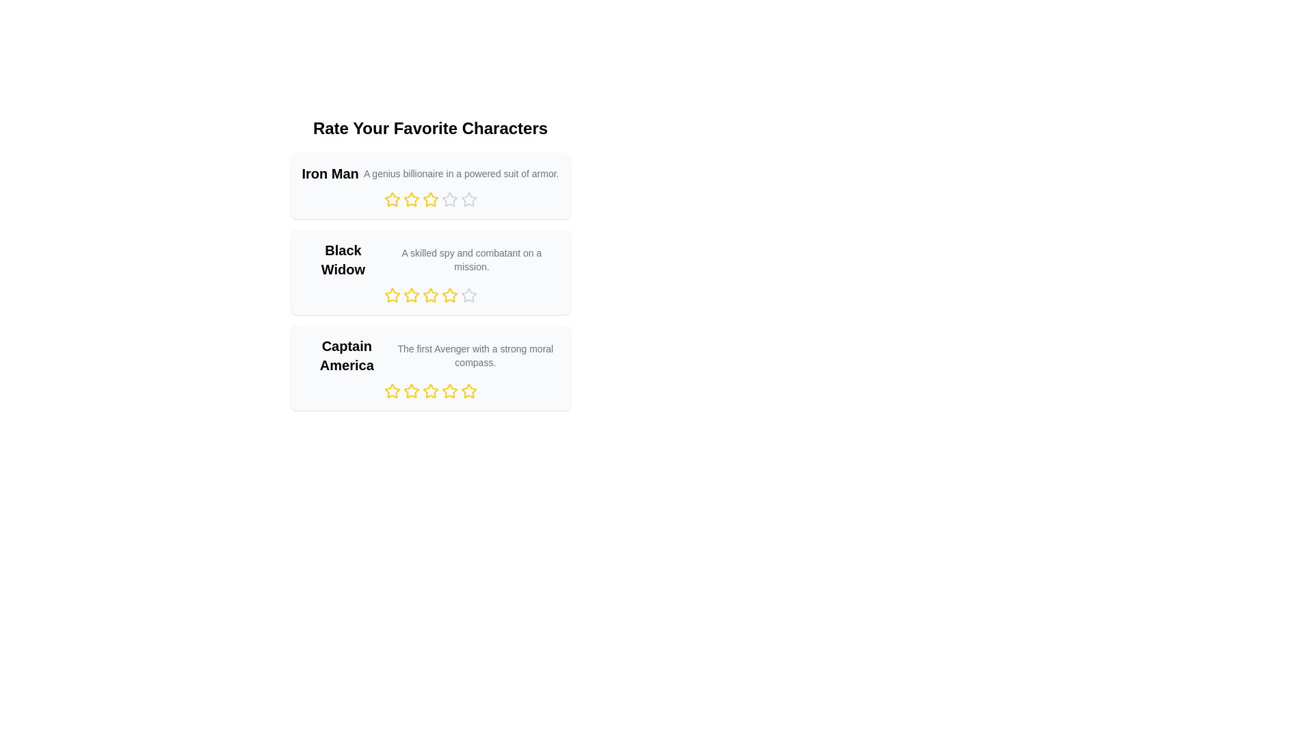  Describe the element at coordinates (449, 391) in the screenshot. I see `the fourth yellow star icon in the rating sequence for 'Captain America'` at that location.